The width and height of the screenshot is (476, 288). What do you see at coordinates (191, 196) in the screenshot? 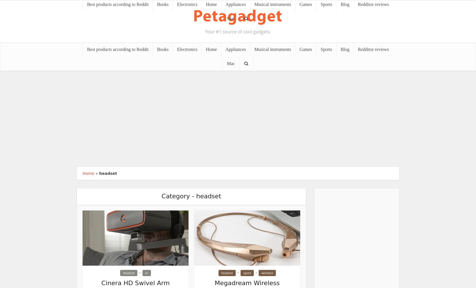
I see `'Category - headset'` at bounding box center [191, 196].